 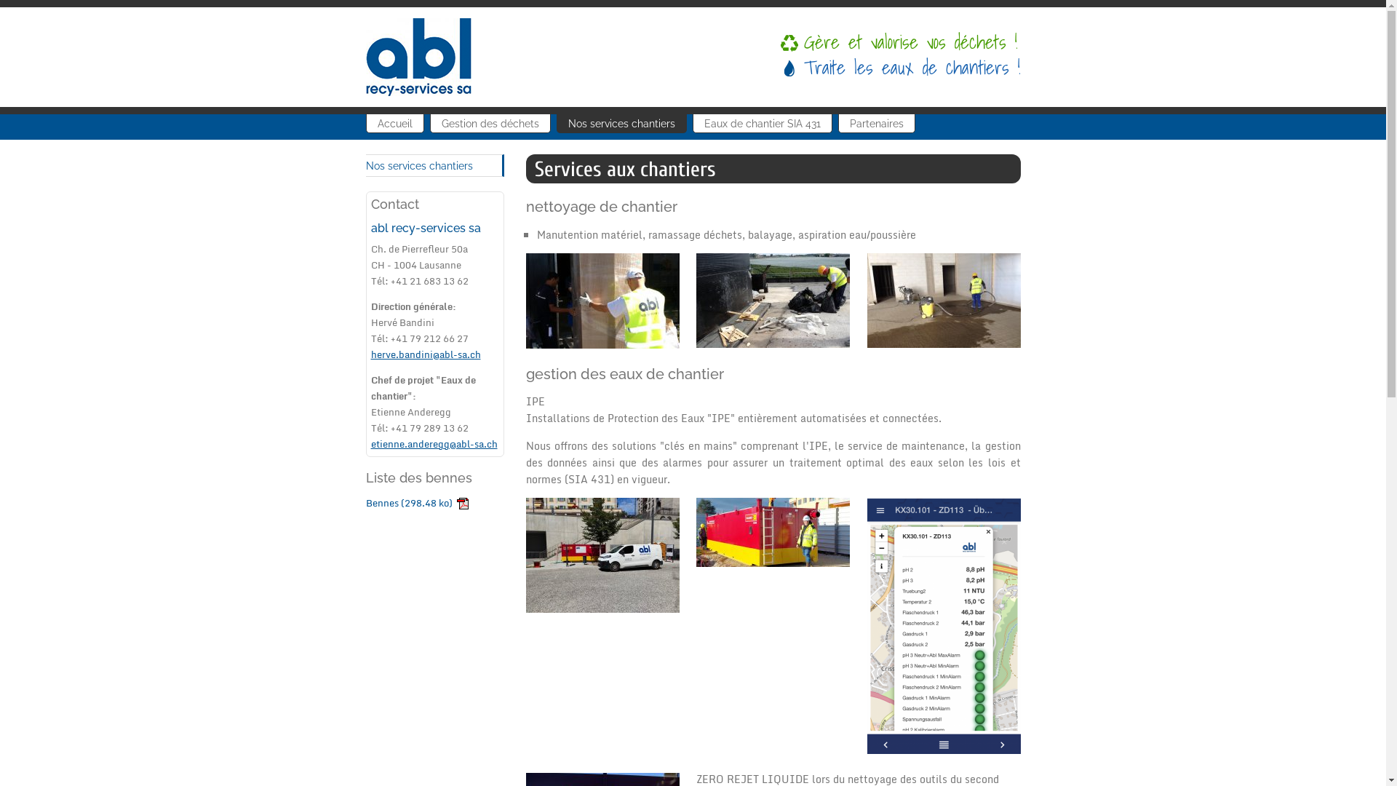 What do you see at coordinates (621, 122) in the screenshot?
I see `'Nos services chantiers'` at bounding box center [621, 122].